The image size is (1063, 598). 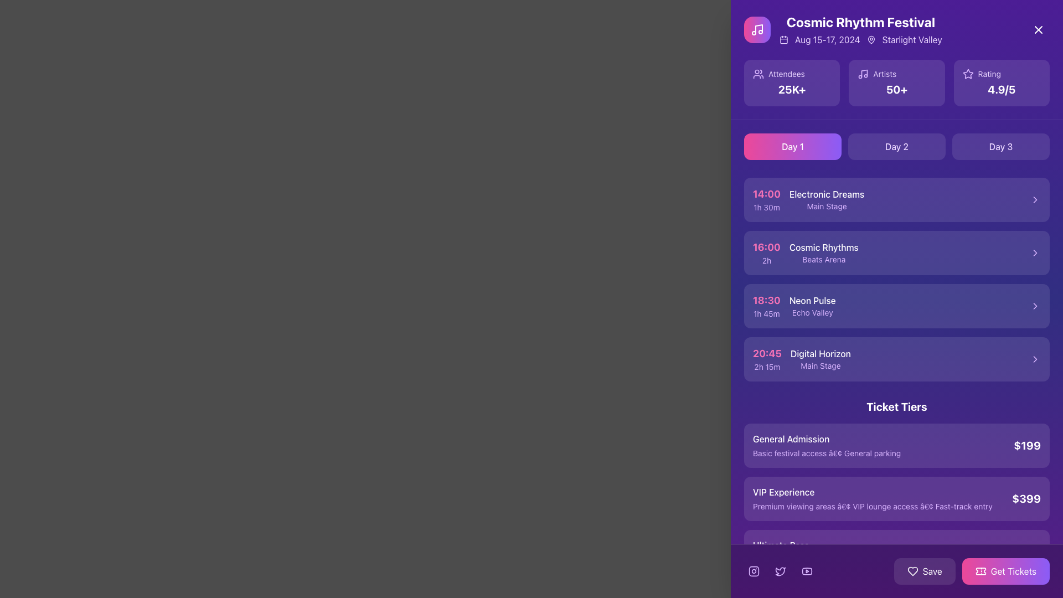 What do you see at coordinates (870, 39) in the screenshot?
I see `the purple map pin icon located to the left of the text 'Starlight Valley' to interact with its associated feature` at bounding box center [870, 39].